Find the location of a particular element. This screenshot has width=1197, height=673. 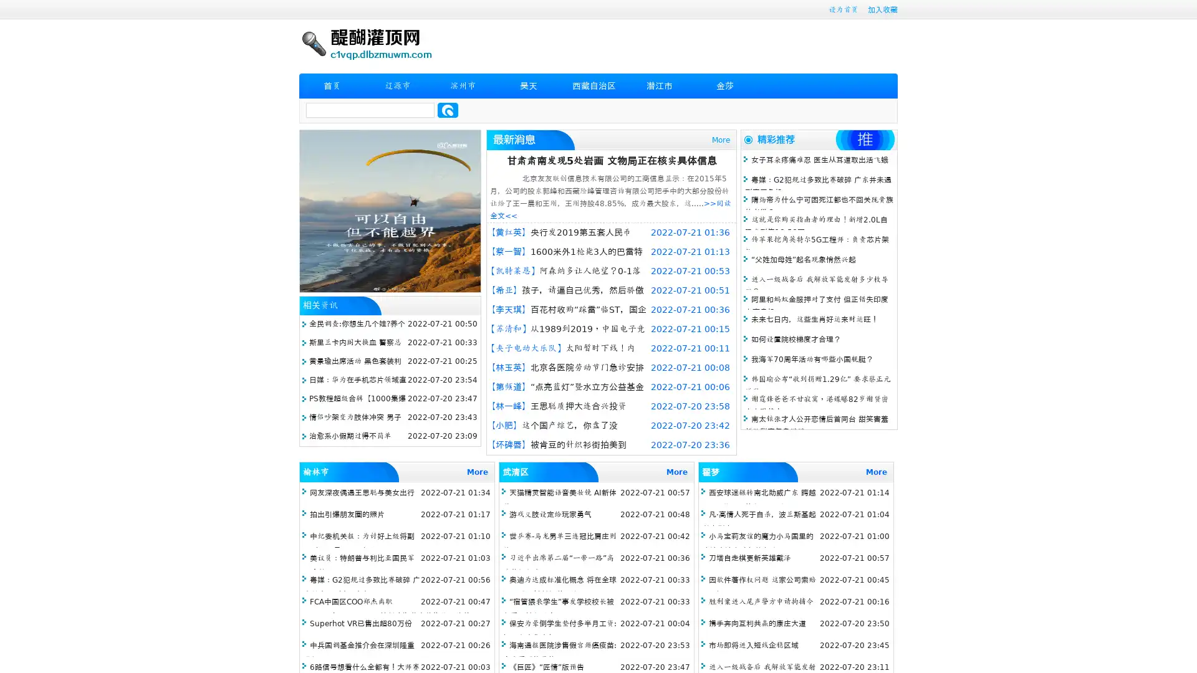

Search is located at coordinates (448, 110).